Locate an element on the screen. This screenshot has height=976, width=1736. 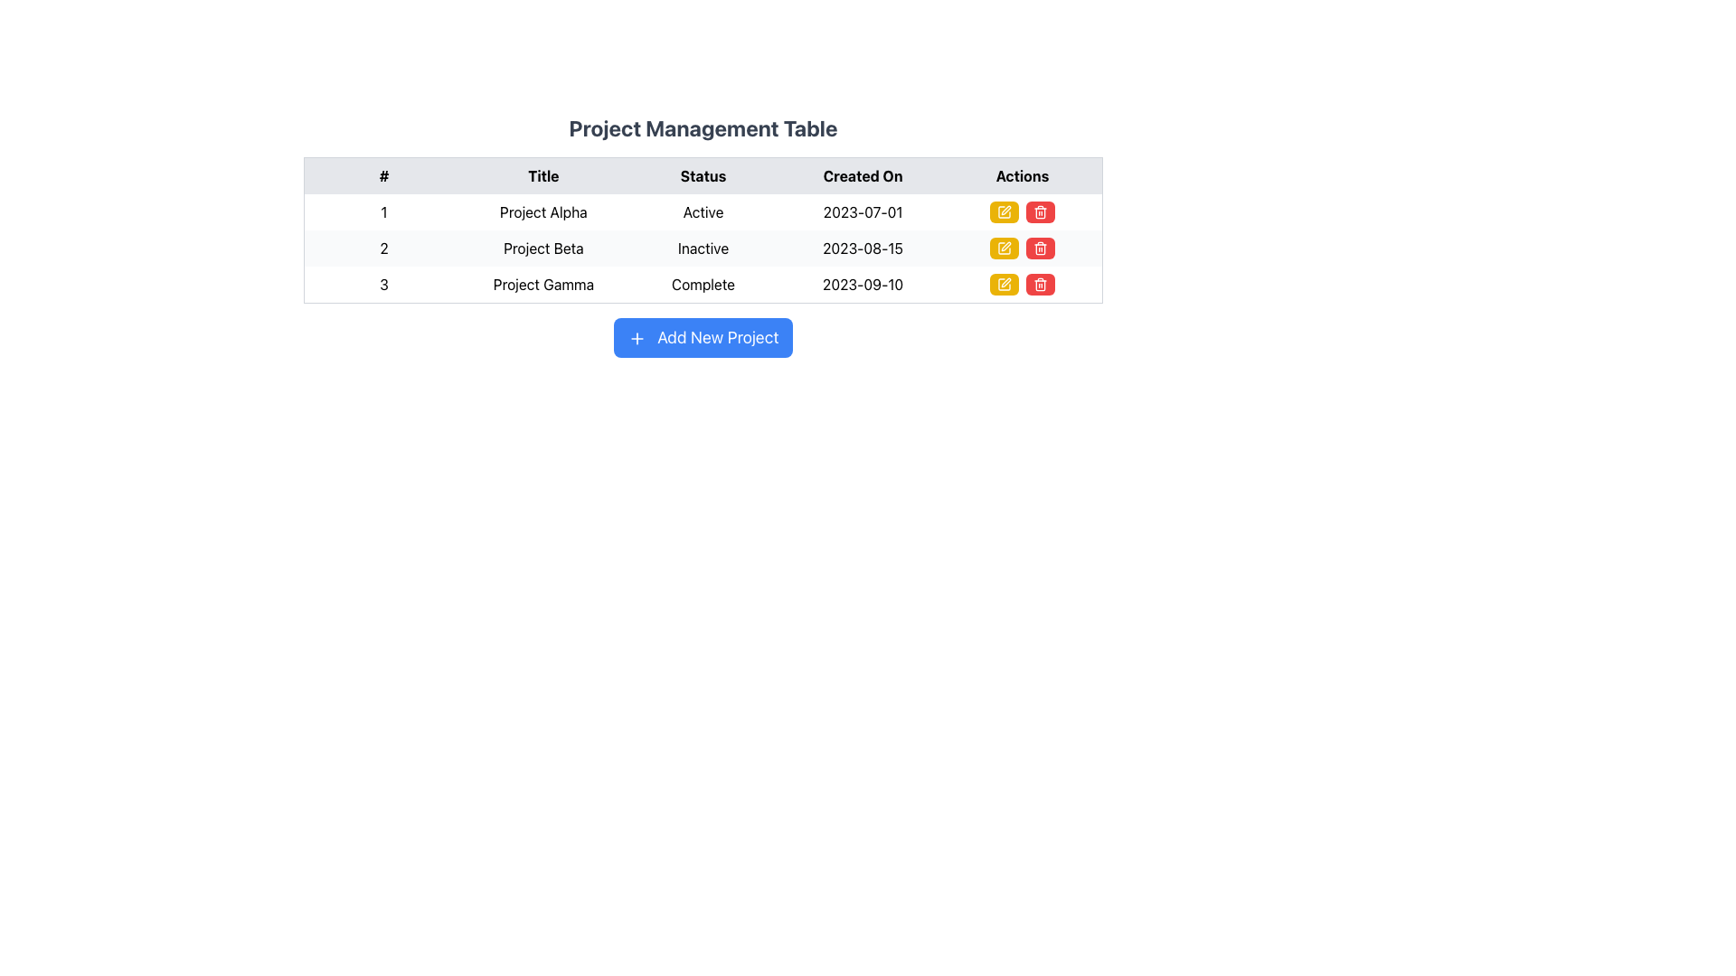
the yellow edit button within the action buttons group in the 'Project Management Table' for 'Project Alpha' is located at coordinates (1022, 211).